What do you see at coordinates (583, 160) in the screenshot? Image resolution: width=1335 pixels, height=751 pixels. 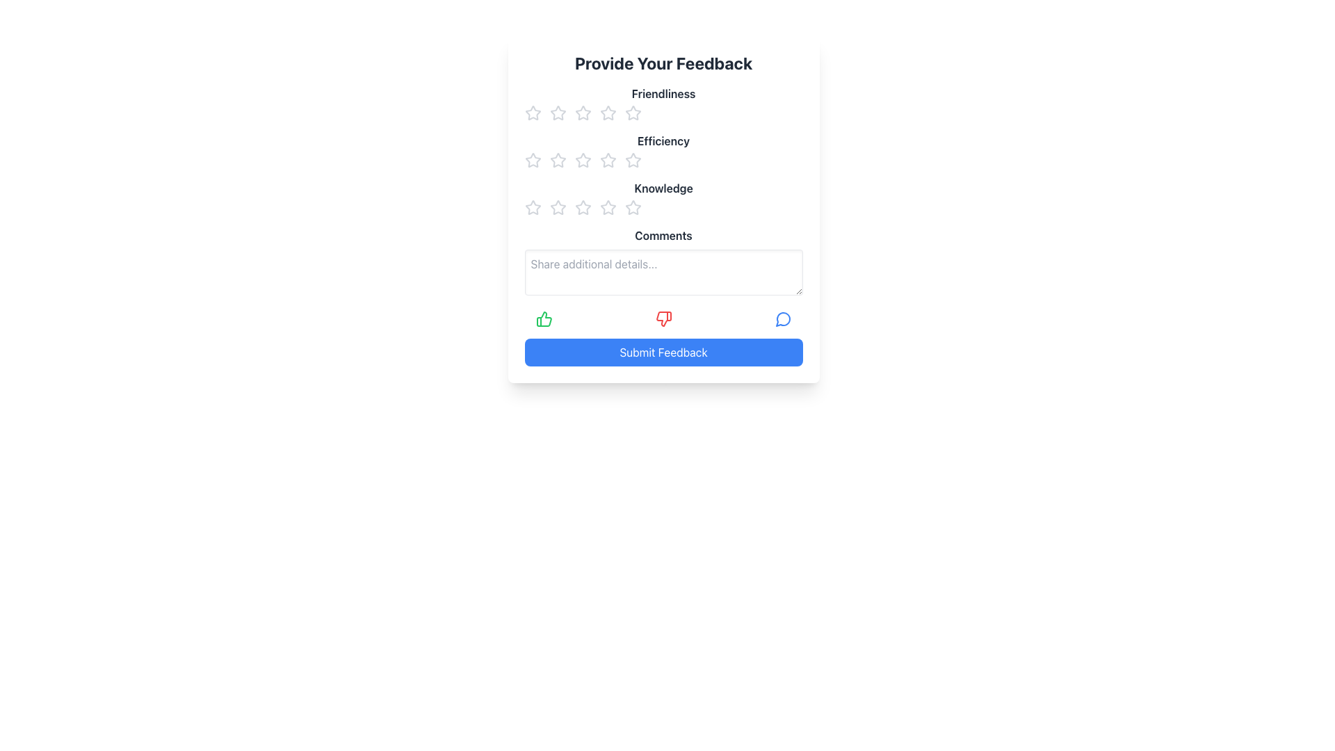 I see `the third star in the horizontal row of five stars for the 'Efficiency' rating` at bounding box center [583, 160].